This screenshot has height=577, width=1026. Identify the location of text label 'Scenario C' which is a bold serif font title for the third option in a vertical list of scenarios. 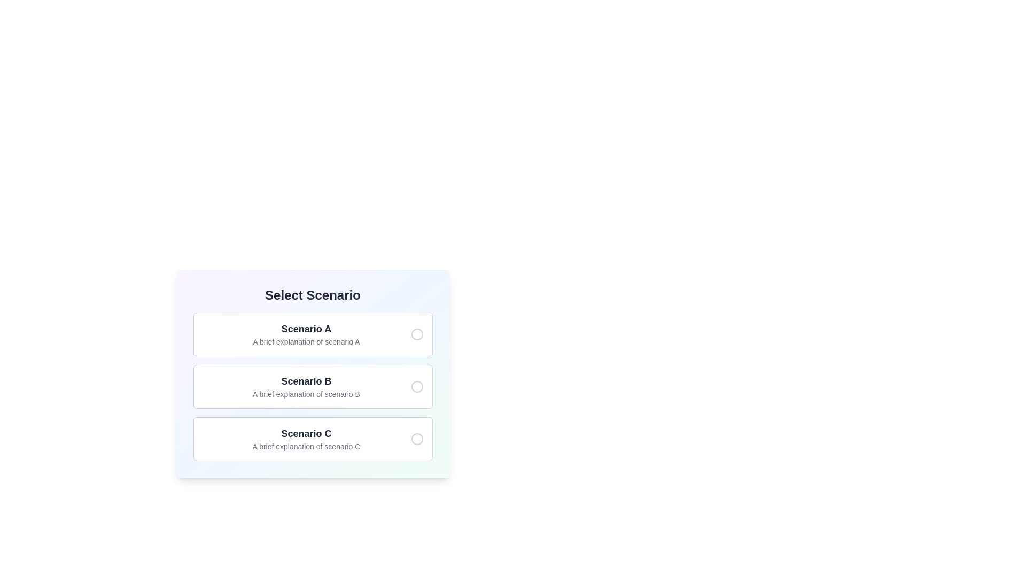
(306, 434).